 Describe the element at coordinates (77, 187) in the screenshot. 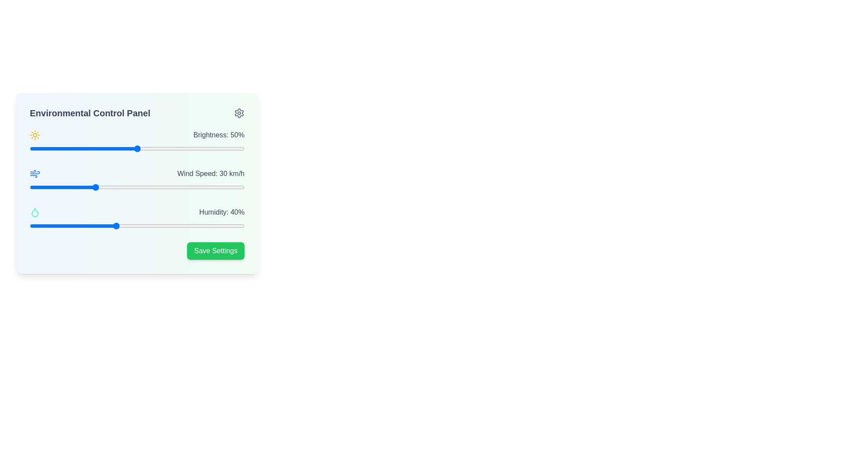

I see `the wind speed` at that location.